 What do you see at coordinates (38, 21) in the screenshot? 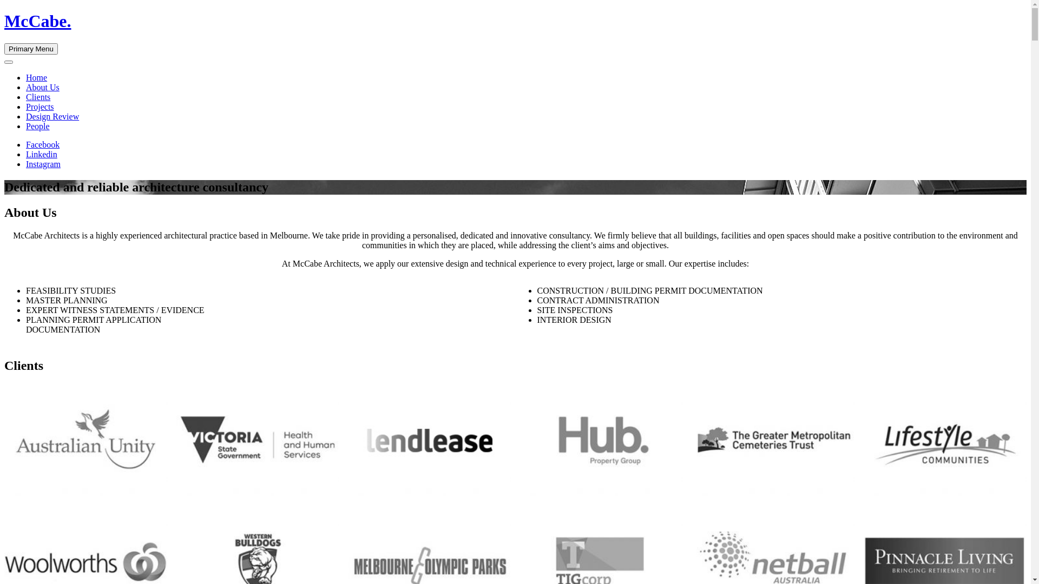
I see `'McCabe.'` at bounding box center [38, 21].